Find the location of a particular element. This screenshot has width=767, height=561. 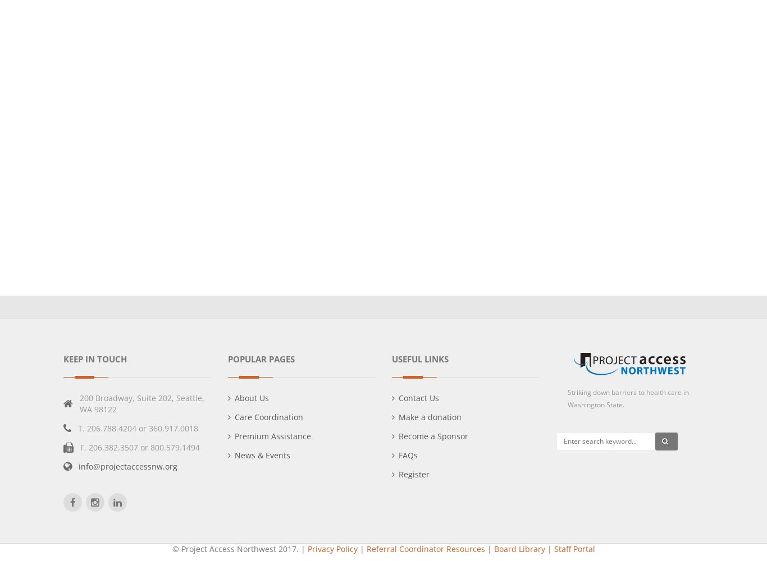

'Staff Portal' is located at coordinates (574, 548).